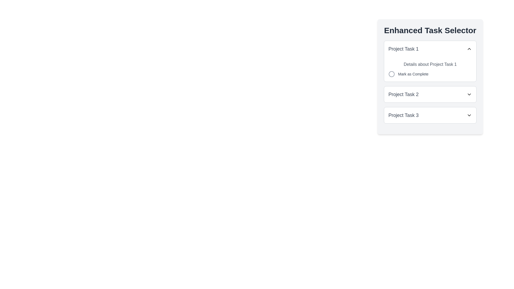 Image resolution: width=514 pixels, height=289 pixels. What do you see at coordinates (469, 49) in the screenshot?
I see `the Icon Button located at the far right of the 'Project Task 1' section` at bounding box center [469, 49].